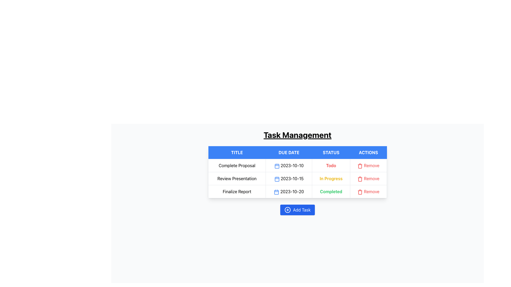  I want to click on the Table Header Row, which labels the columns of the task management table, located below the 'Task Management' heading, so click(297, 153).